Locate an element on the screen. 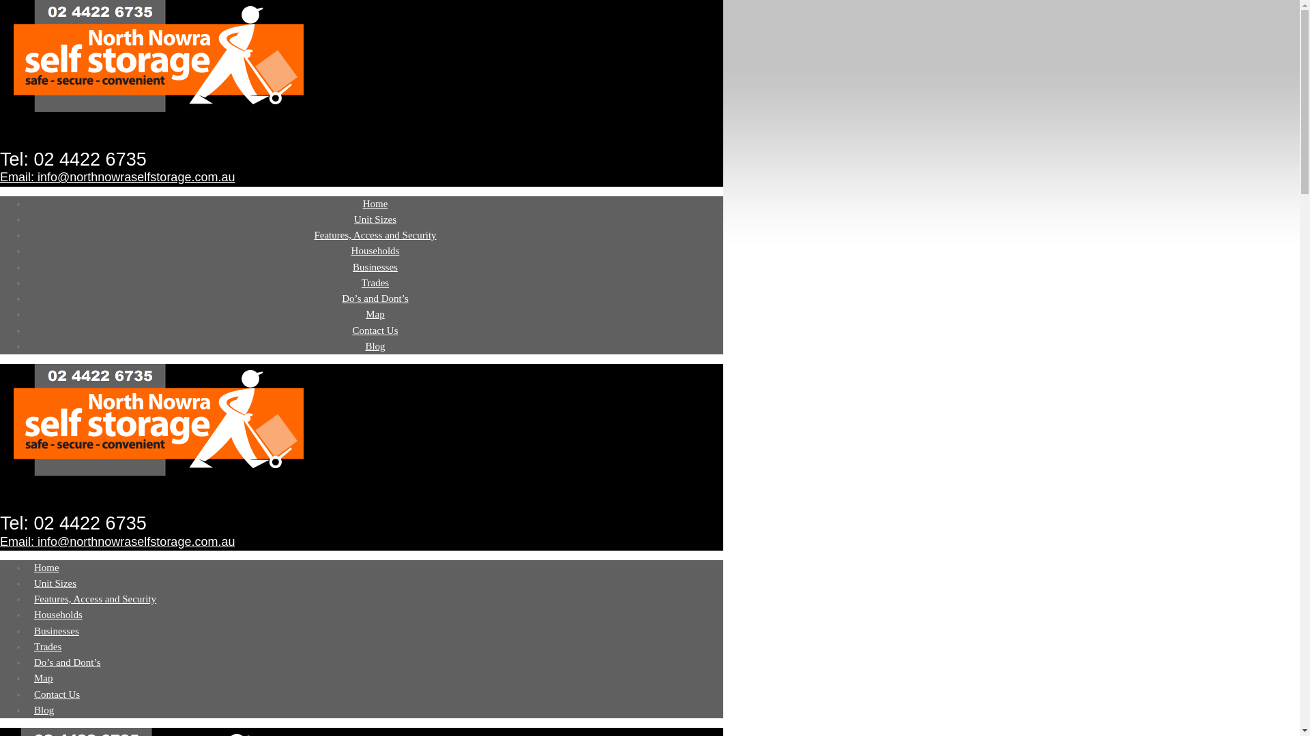  'Features, Access and Security' is located at coordinates (375, 234).